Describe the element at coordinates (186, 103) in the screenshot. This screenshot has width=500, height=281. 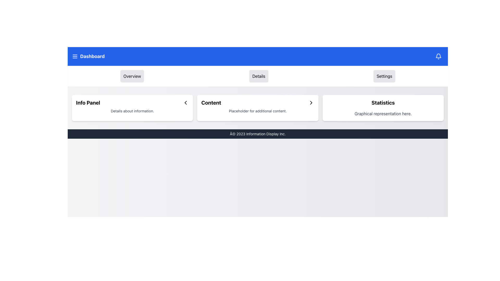
I see `the SVG Icon located to the right of the 'Info Panel' text within the 'Info Panel' card` at that location.